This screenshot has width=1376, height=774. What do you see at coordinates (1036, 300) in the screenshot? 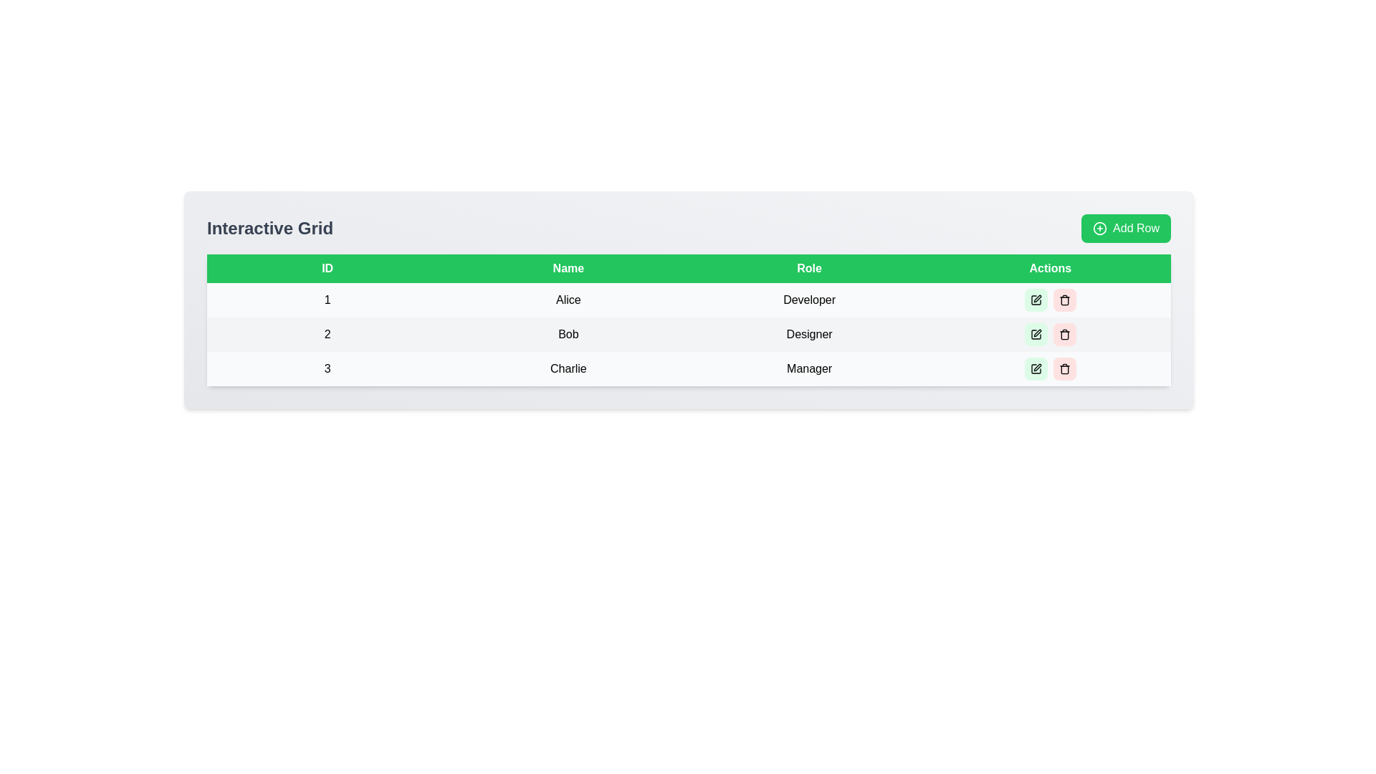
I see `the pen icon inside the green button located in the actions column of the first row in the data grid` at bounding box center [1036, 300].